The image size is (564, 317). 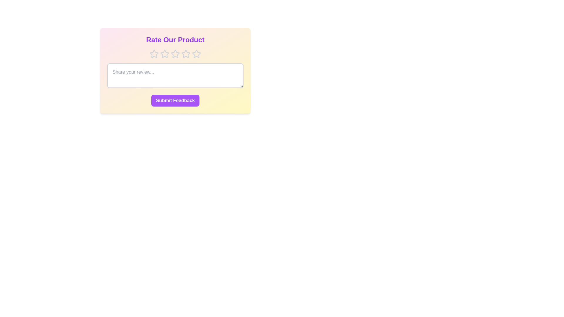 What do you see at coordinates (186, 54) in the screenshot?
I see `the star corresponding to 4 to preview the selection effect` at bounding box center [186, 54].